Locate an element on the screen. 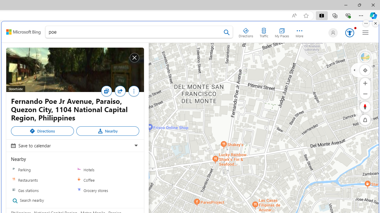  'AutomationID: serp_medal_svg' is located at coordinates (350, 33).